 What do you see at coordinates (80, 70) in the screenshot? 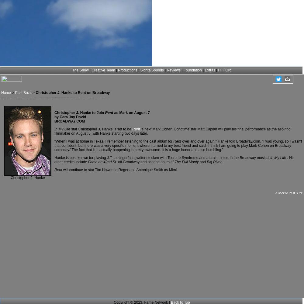
I see `'The Show'` at bounding box center [80, 70].